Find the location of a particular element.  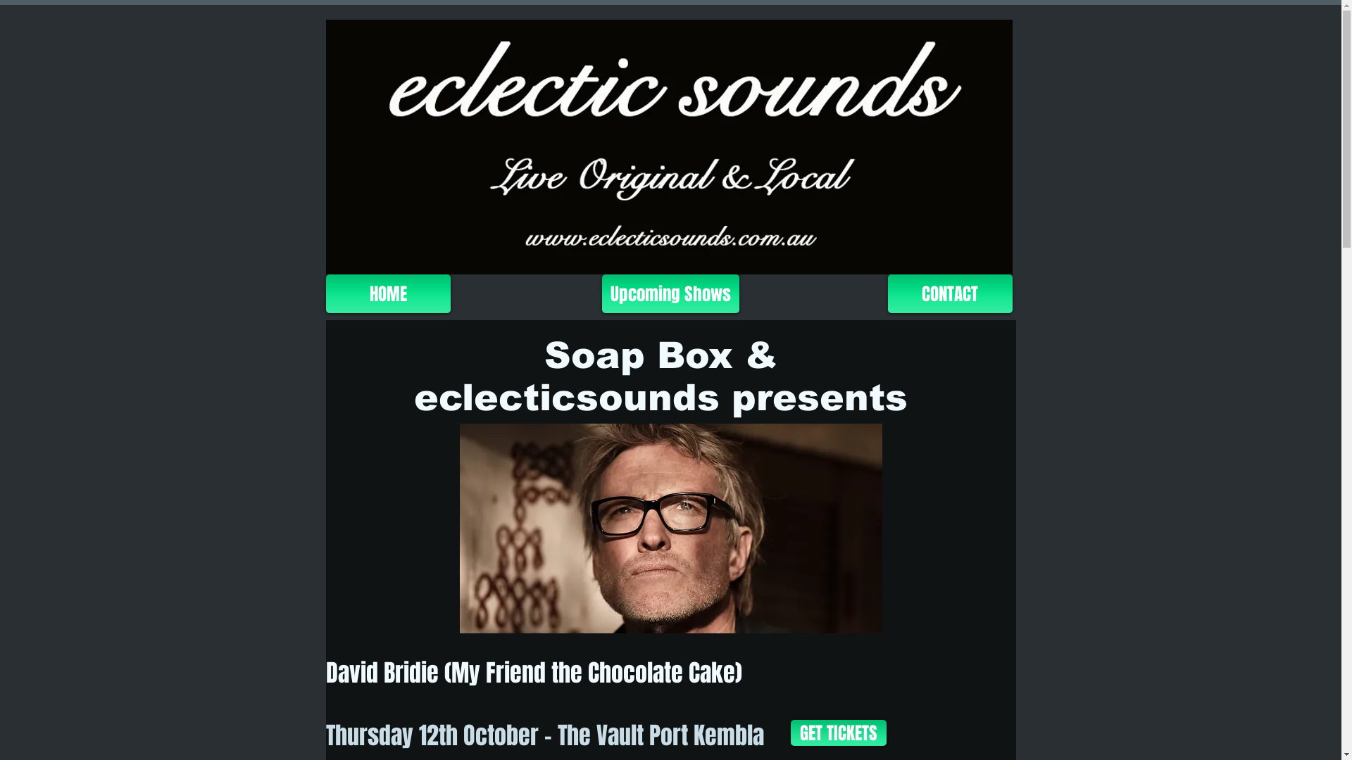

'GET TICKETS' is located at coordinates (838, 732).